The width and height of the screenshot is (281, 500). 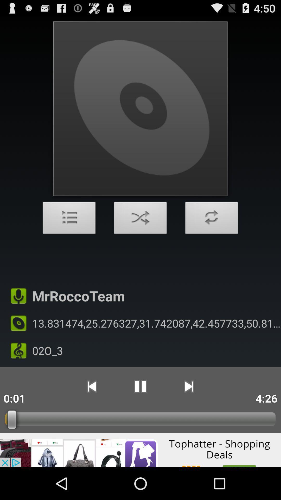 What do you see at coordinates (140, 219) in the screenshot?
I see `shuffle order of audio` at bounding box center [140, 219].